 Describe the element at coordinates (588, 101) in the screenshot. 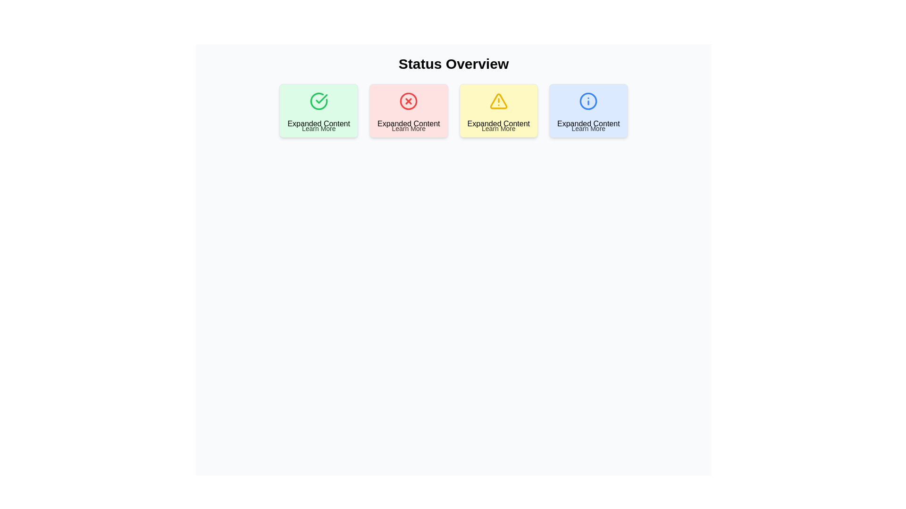

I see `the circular information icon with a blue outline and a lowercase 'i' set against a transparent background, located at the top of a light blue rounded rectangular card` at that location.